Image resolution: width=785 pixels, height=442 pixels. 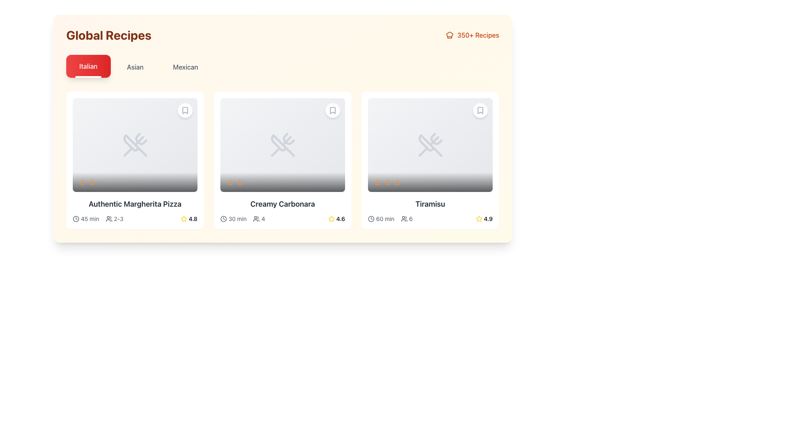 What do you see at coordinates (381, 218) in the screenshot?
I see `the clock icon representing the duration of '60 min' in the bottom-left corner of the Tiramisu recipe card` at bounding box center [381, 218].